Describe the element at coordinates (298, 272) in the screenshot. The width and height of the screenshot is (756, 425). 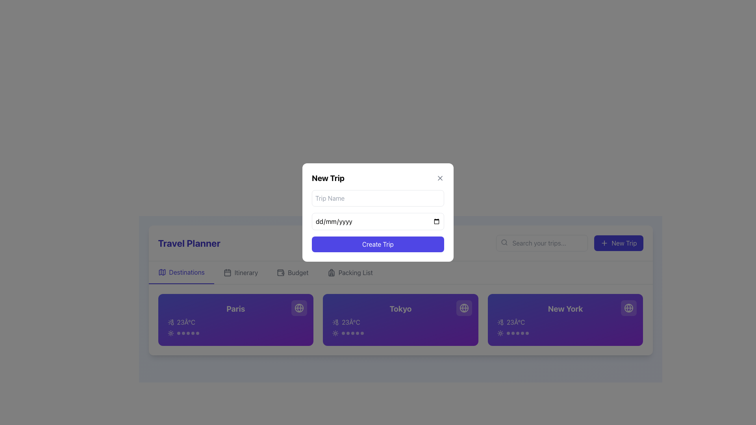
I see `the 'Budget' navigation link located under the 'Travel Planner' section` at that location.